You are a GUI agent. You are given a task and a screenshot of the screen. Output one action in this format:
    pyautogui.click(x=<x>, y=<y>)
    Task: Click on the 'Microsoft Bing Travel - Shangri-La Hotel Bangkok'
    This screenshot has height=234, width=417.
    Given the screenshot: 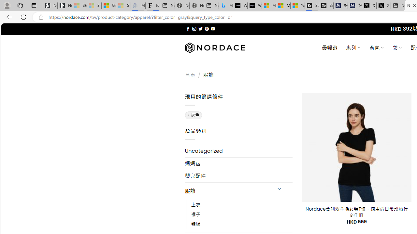 What is the action you would take?
    pyautogui.click(x=226, y=6)
    